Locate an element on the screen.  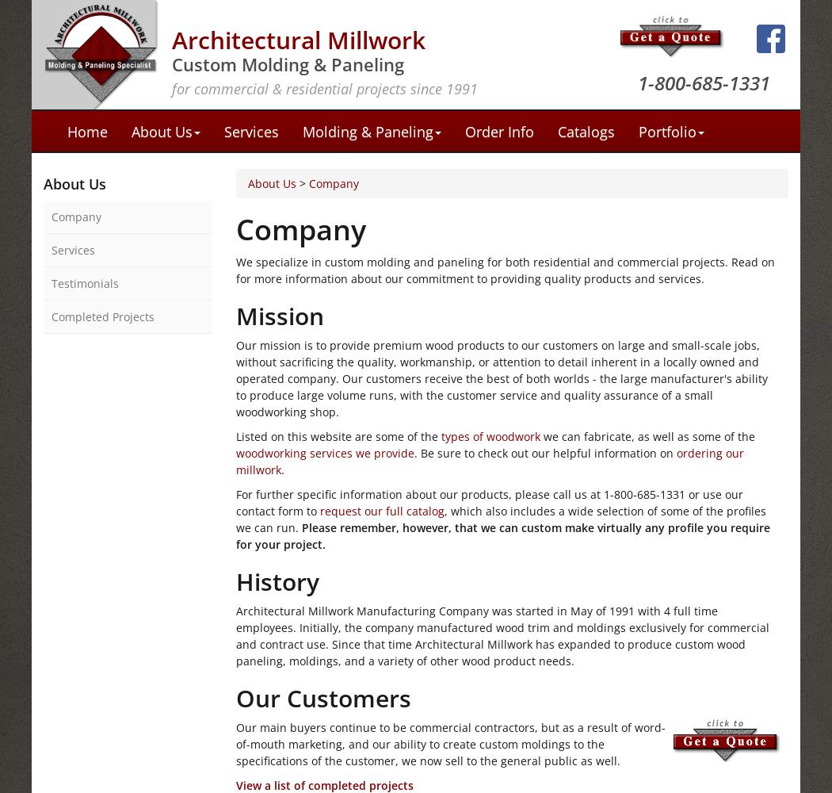
'Our main buyers continue to be commercial contractors, but as a result of word-of-mouth marketing, and our ability to create custom moldings to the specifications of the customer, we now sell to the general public as well.' is located at coordinates (449, 743).